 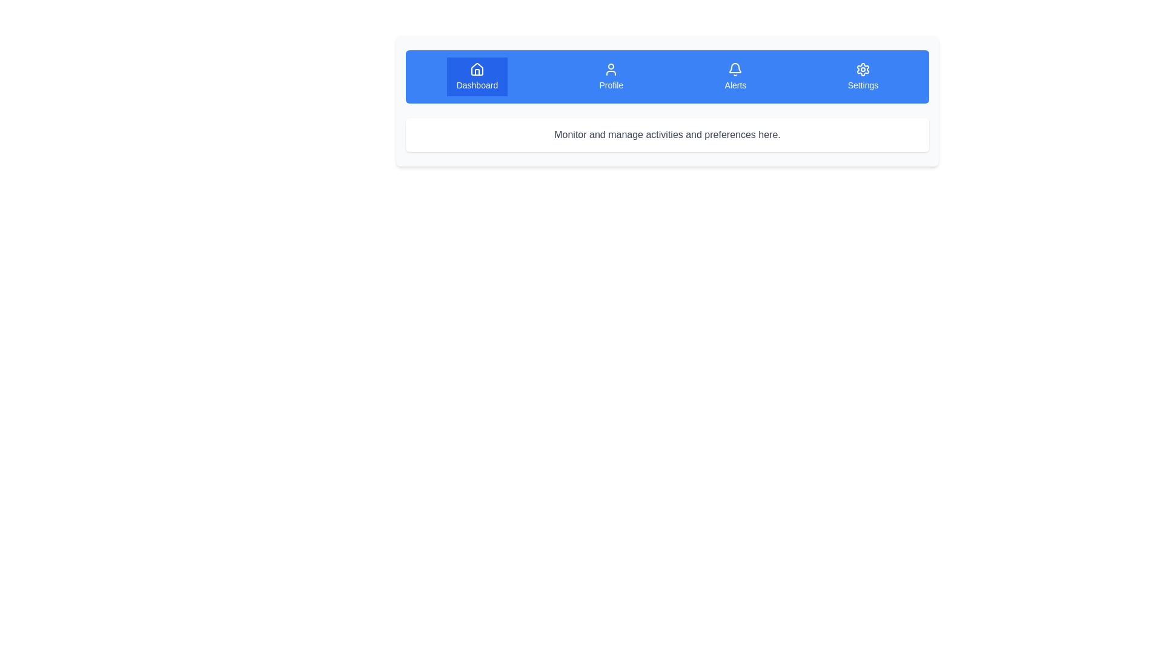 What do you see at coordinates (735, 68) in the screenshot?
I see `the blue bell-shaped icon representing notifications in the navigation bar, located between the 'Profile' and 'Settings' icons` at bounding box center [735, 68].